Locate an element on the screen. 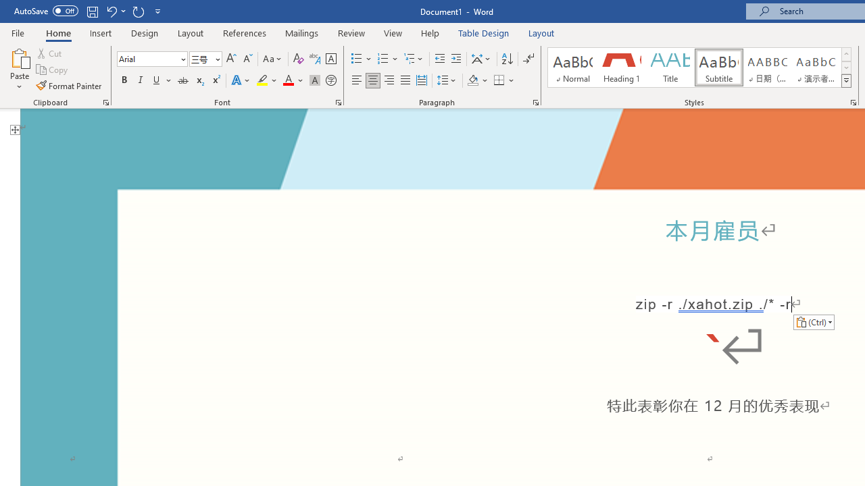 The image size is (865, 486). 'Character Shading' is located at coordinates (314, 80).